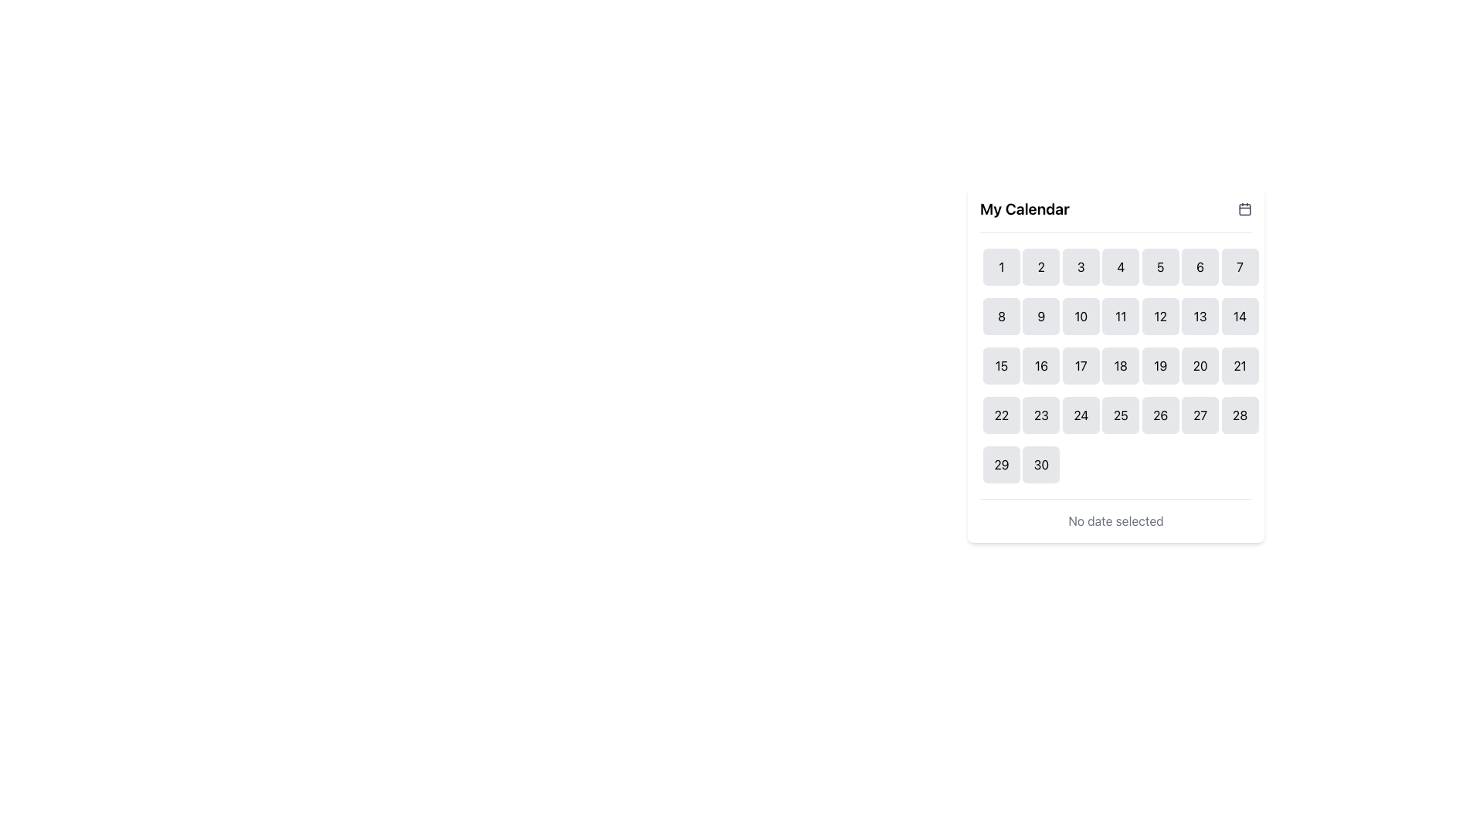 The image size is (1483, 834). I want to click on the calendar date selector button for the 20th day of the month, located in the third row and sixth column of the calendar grid, so click(1200, 366).